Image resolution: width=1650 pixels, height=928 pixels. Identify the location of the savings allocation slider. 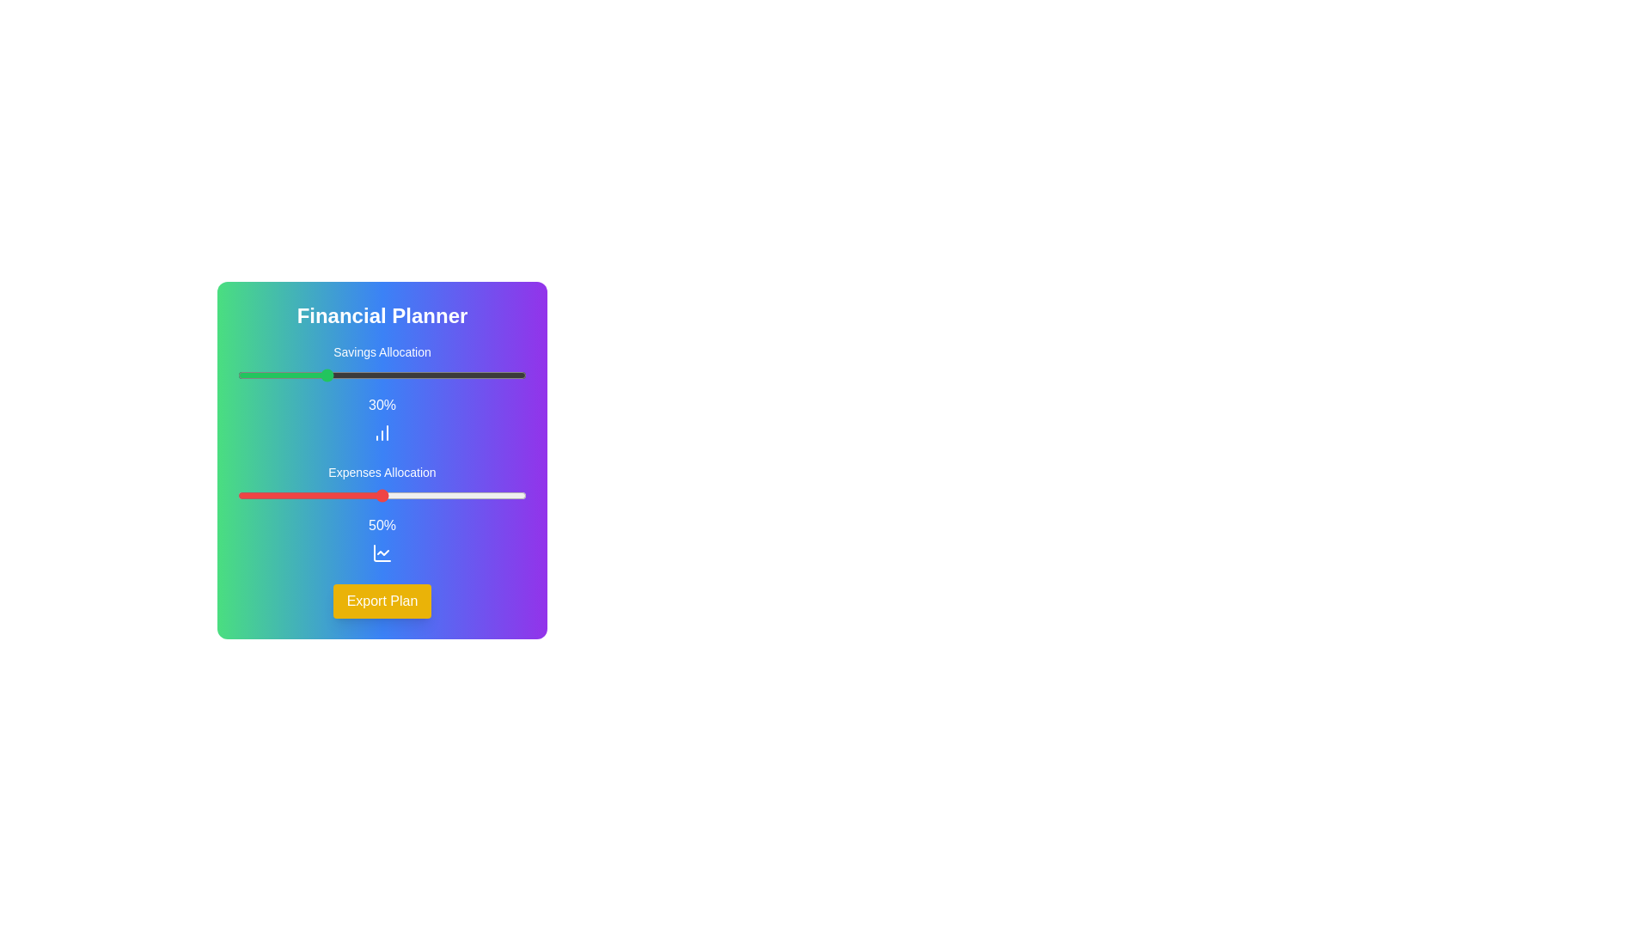
(454, 374).